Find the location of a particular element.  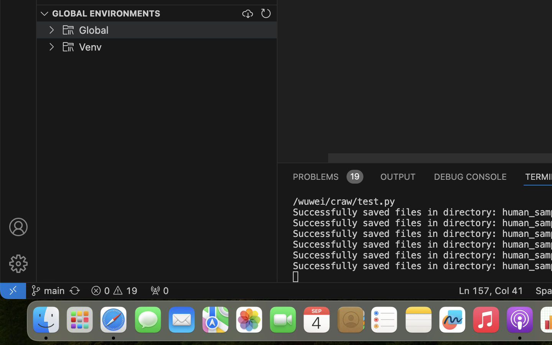

'Venv' is located at coordinates (90, 47).